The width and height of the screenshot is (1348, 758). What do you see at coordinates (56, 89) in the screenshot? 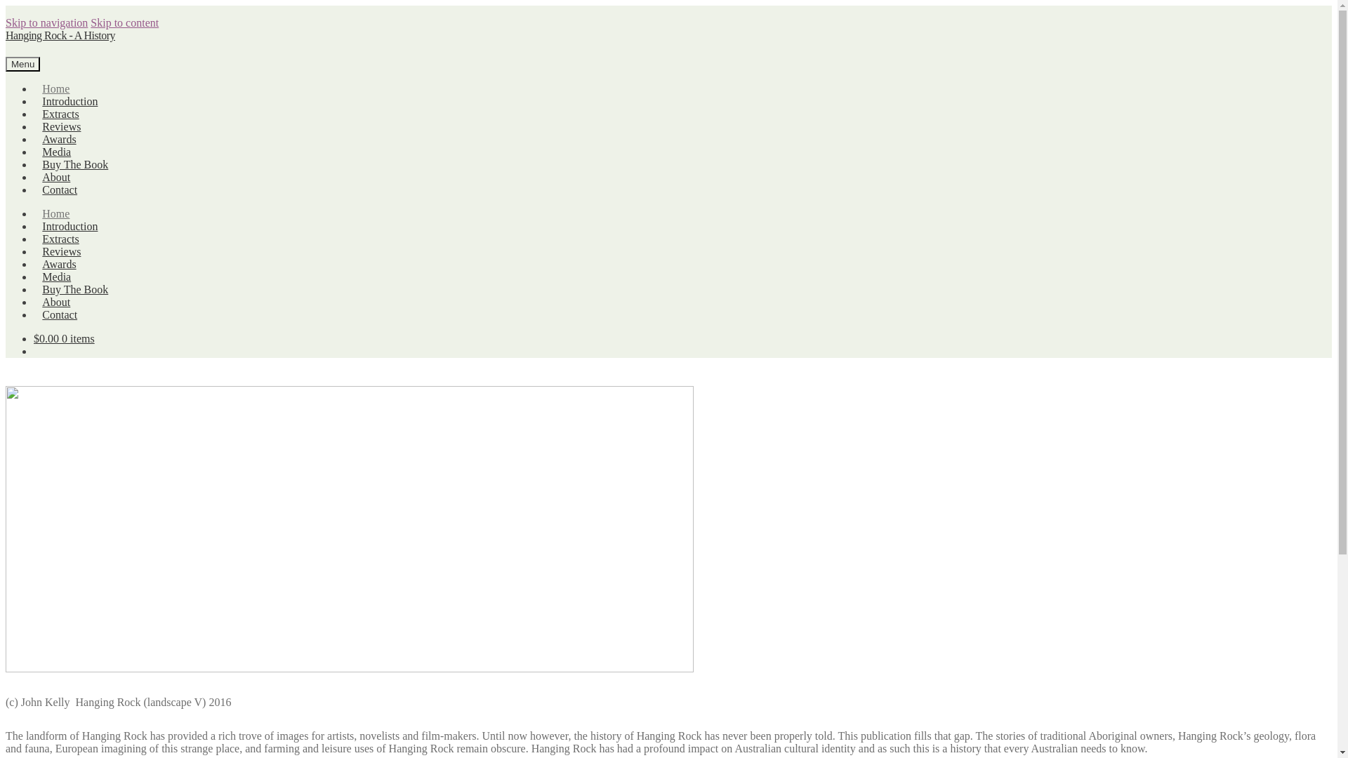
I see `'Home'` at bounding box center [56, 89].